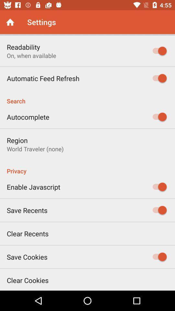  What do you see at coordinates (87, 167) in the screenshot?
I see `privacy` at bounding box center [87, 167].